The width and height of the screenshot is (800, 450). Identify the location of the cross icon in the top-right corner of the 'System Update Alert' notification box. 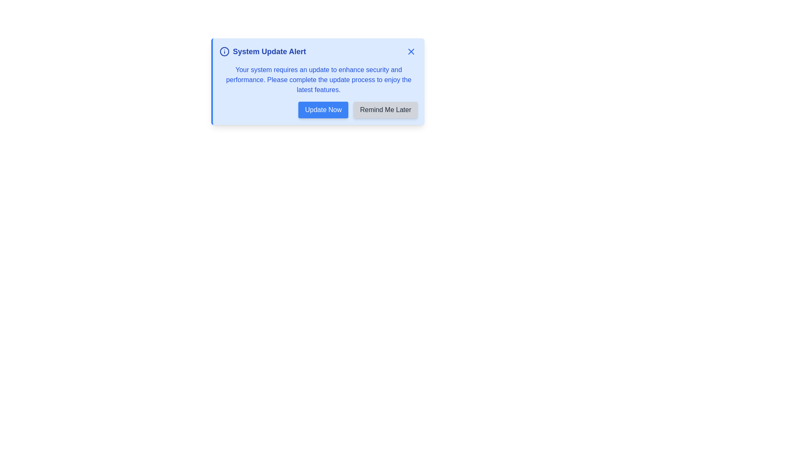
(411, 51).